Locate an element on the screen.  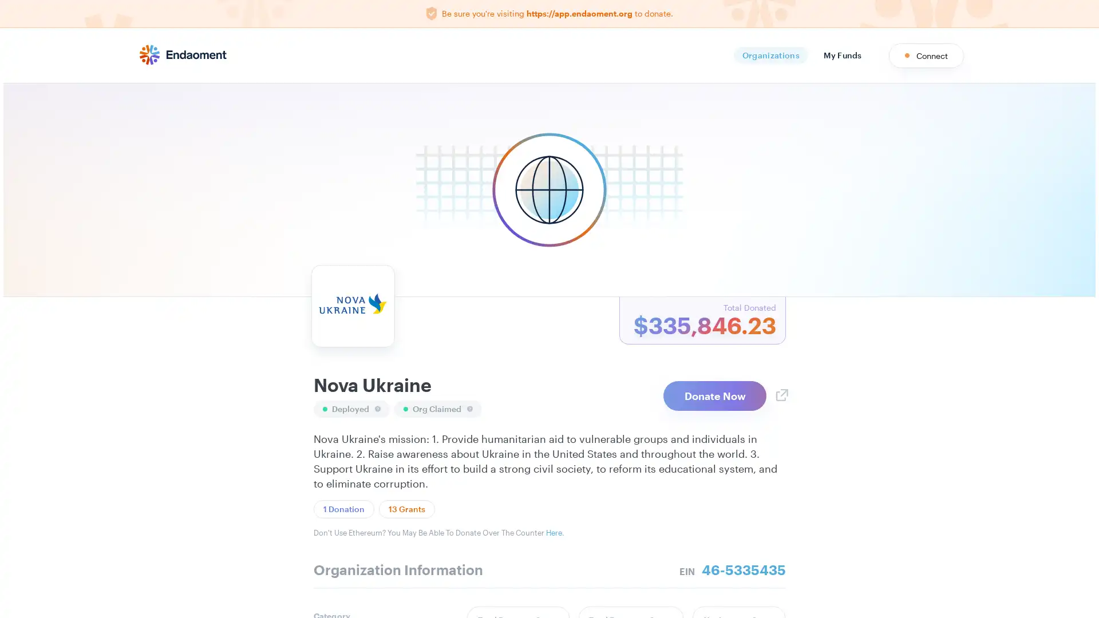
1 Donation is located at coordinates (343, 509).